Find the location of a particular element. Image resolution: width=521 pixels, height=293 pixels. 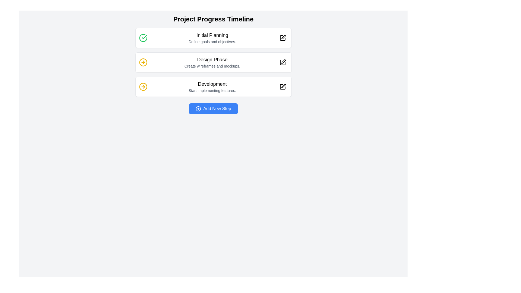

the edit icon button resembling a pencil located to the right of the text 'Design Phase Create wireframes and mockups' in the third card of the vertical stack is located at coordinates (282, 62).